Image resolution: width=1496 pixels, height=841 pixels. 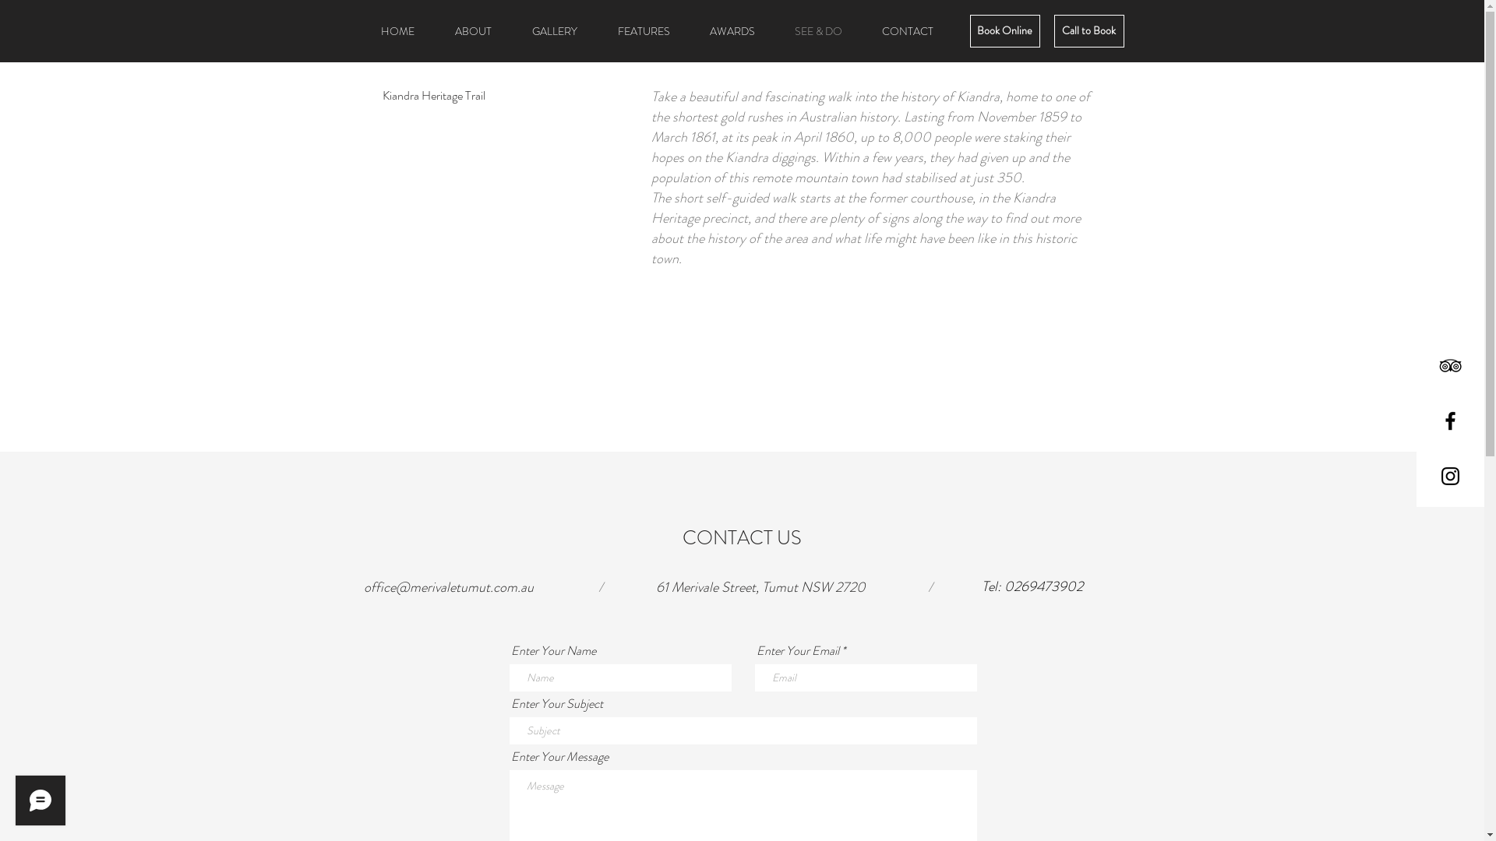 I want to click on 'AWARDS', so click(x=732, y=30).